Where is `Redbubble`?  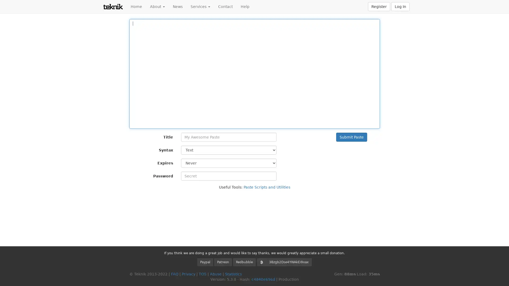 Redbubble is located at coordinates (244, 262).